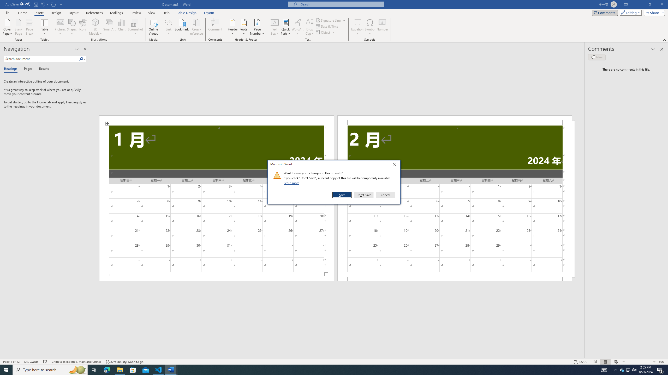 Image resolution: width=668 pixels, height=375 pixels. I want to click on 'Spelling and Grammar Check Checking', so click(45, 362).